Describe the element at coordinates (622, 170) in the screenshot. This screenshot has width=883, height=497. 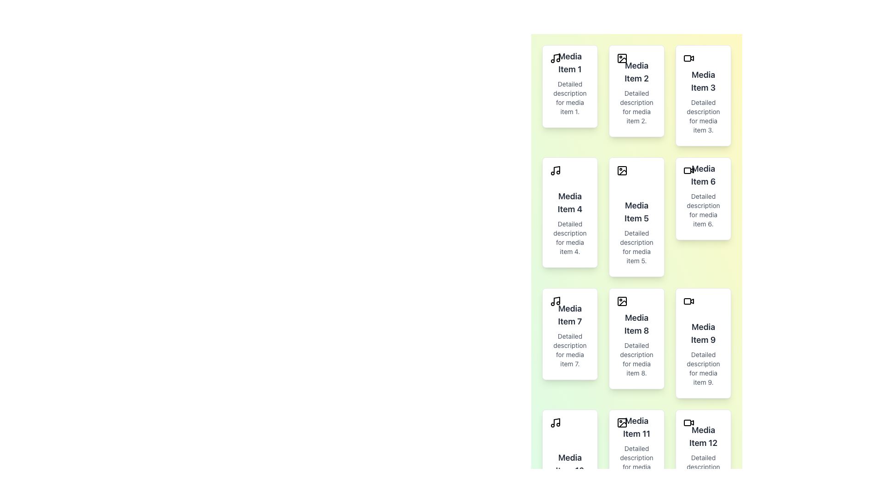
I see `the top-left SVG rectangle element that resembles a picture frame within the 'Media Item 5' card` at that location.